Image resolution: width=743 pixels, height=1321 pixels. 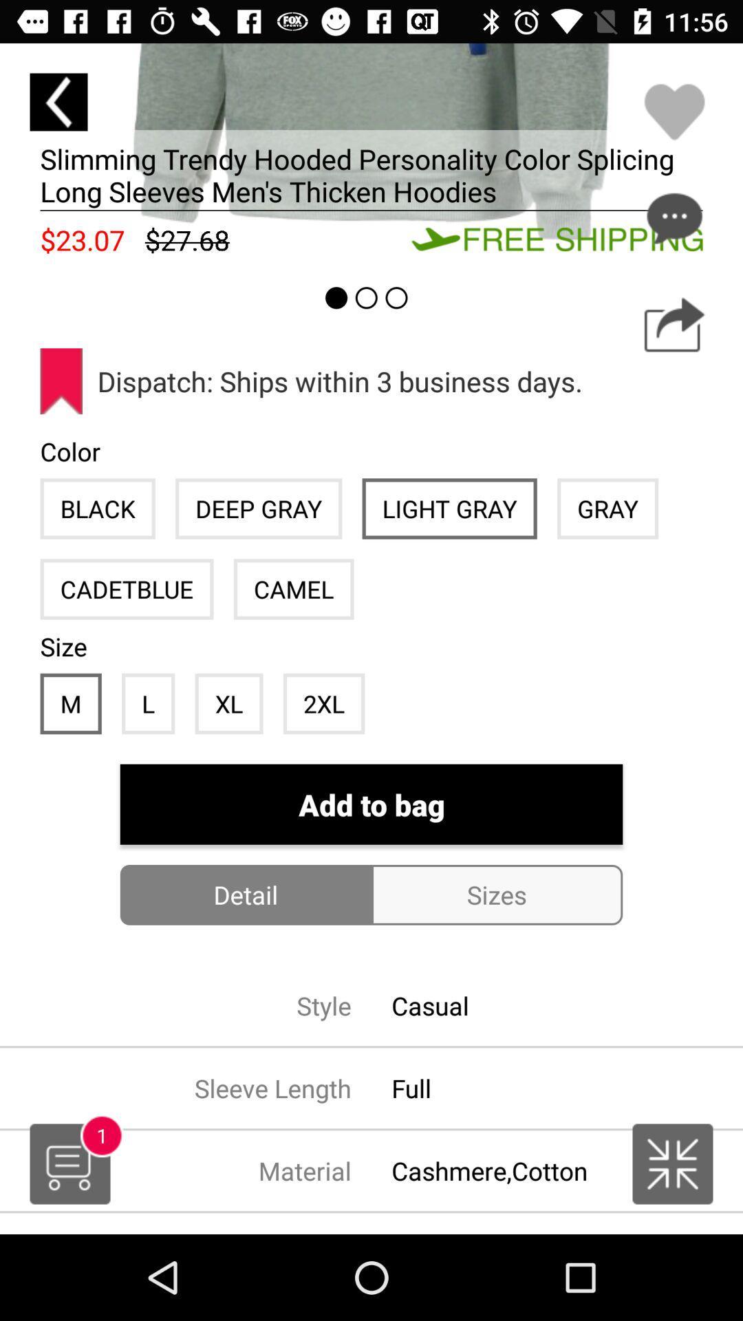 What do you see at coordinates (69, 1163) in the screenshot?
I see `the cart icon` at bounding box center [69, 1163].